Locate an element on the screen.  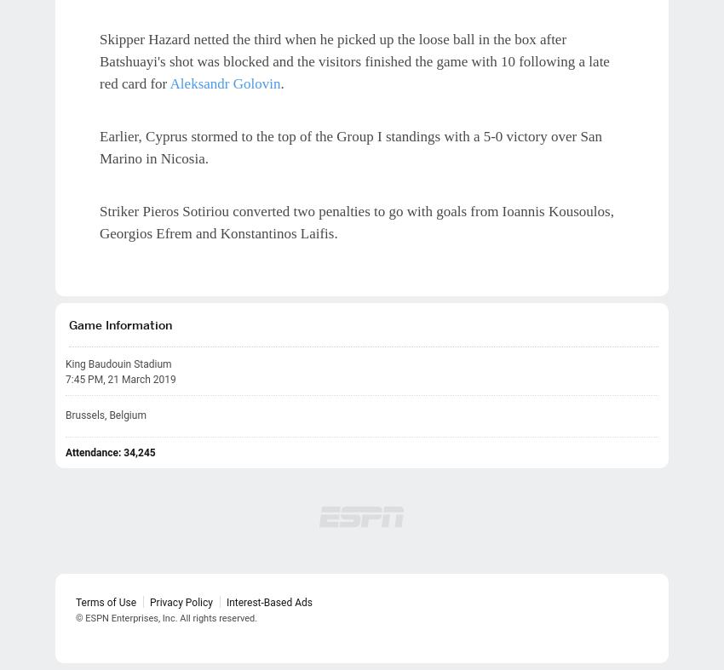
'21 March 2019' is located at coordinates (141, 378).